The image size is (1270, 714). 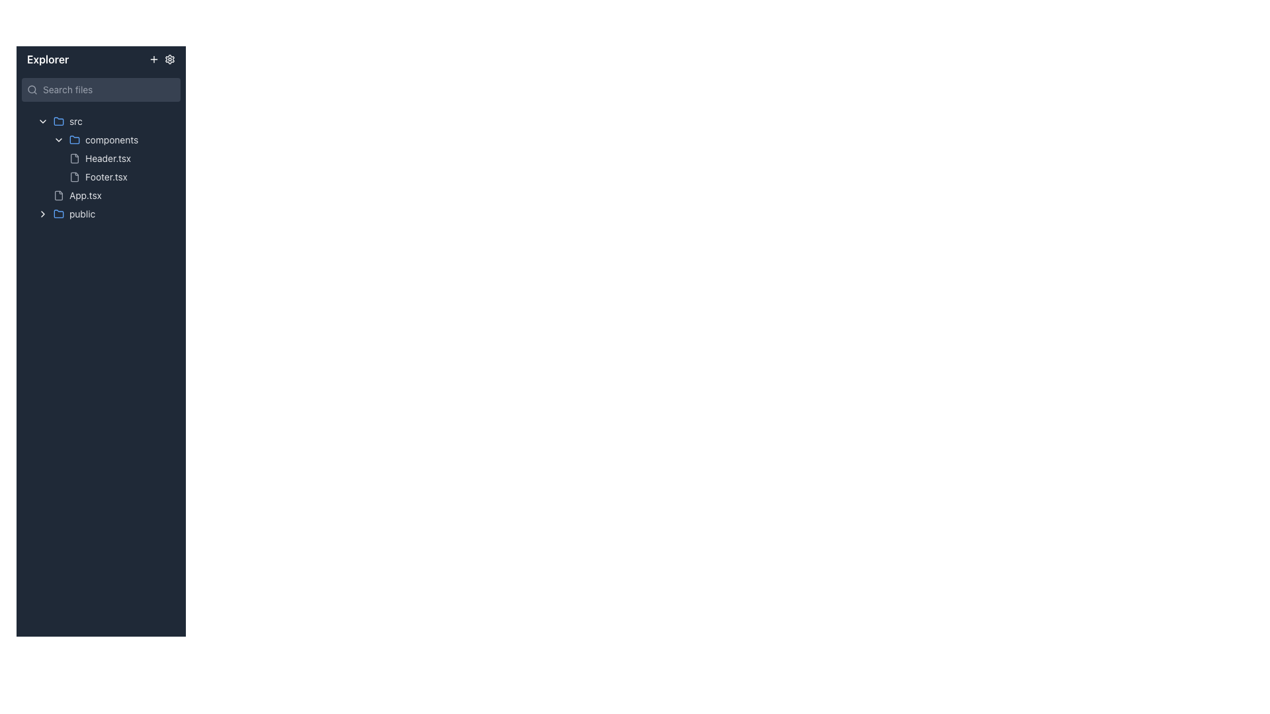 What do you see at coordinates (108, 167) in the screenshot?
I see `the hierarchical file entry displaying 'componentsHeader.tsxFooter.tsxApp.tsx' within the 'src' sidebar` at bounding box center [108, 167].